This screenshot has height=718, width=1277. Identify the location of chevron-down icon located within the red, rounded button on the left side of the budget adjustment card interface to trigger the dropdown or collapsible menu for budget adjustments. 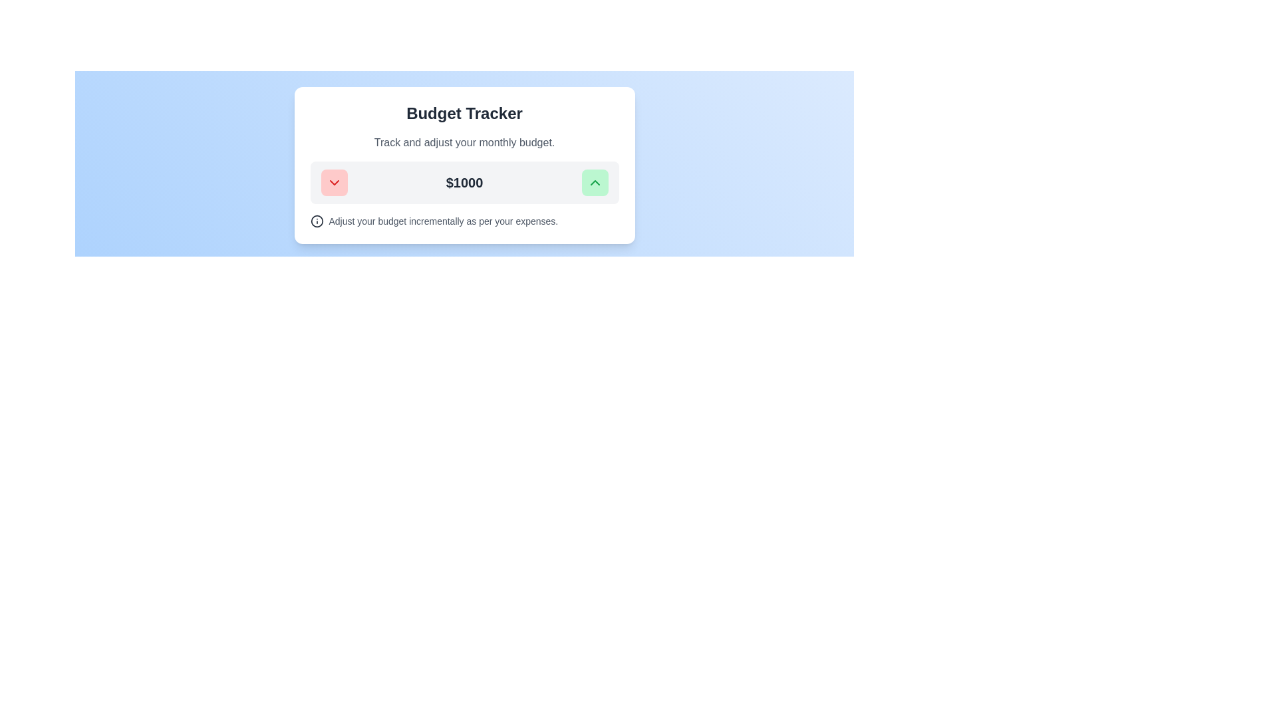
(334, 182).